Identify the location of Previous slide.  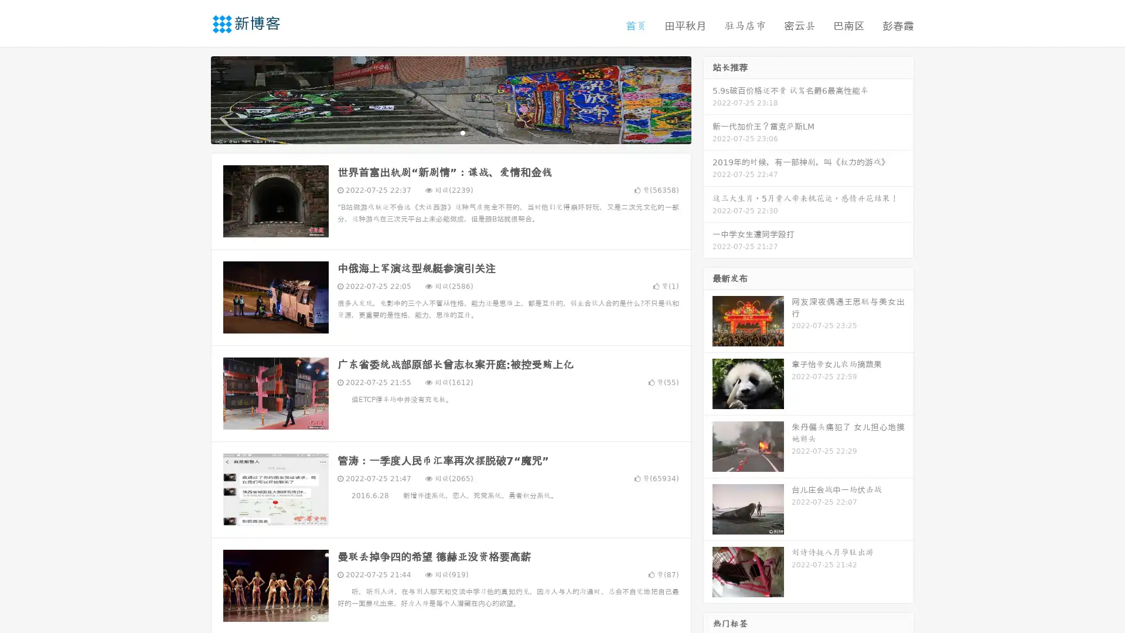
(193, 98).